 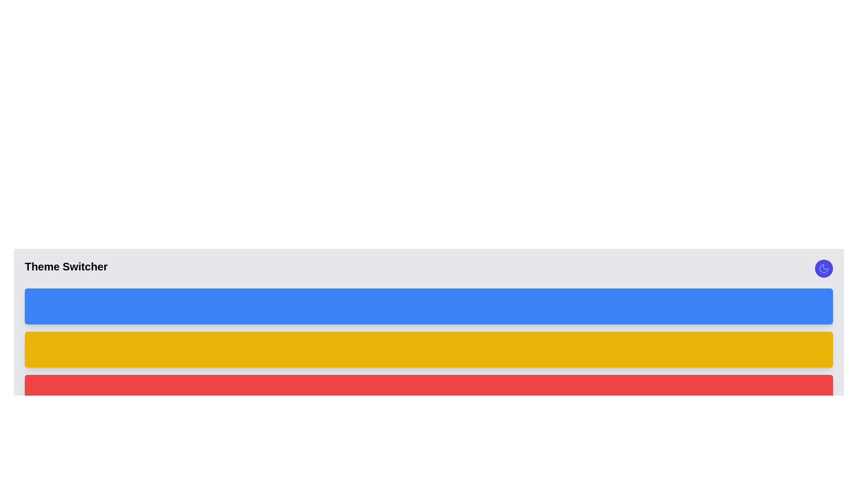 I want to click on the first decorative bar, which is the topmost element in a vertically stacked group of three colored bars, so click(x=428, y=306).